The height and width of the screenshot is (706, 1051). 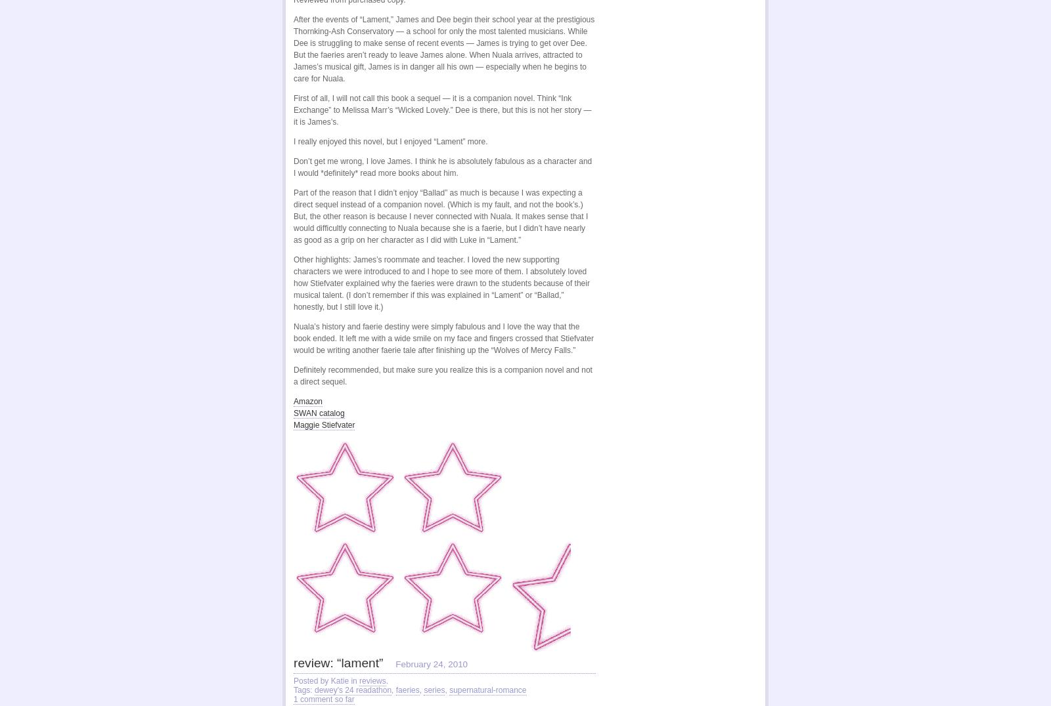 What do you see at coordinates (318, 411) in the screenshot?
I see `'SWAN catalog'` at bounding box center [318, 411].